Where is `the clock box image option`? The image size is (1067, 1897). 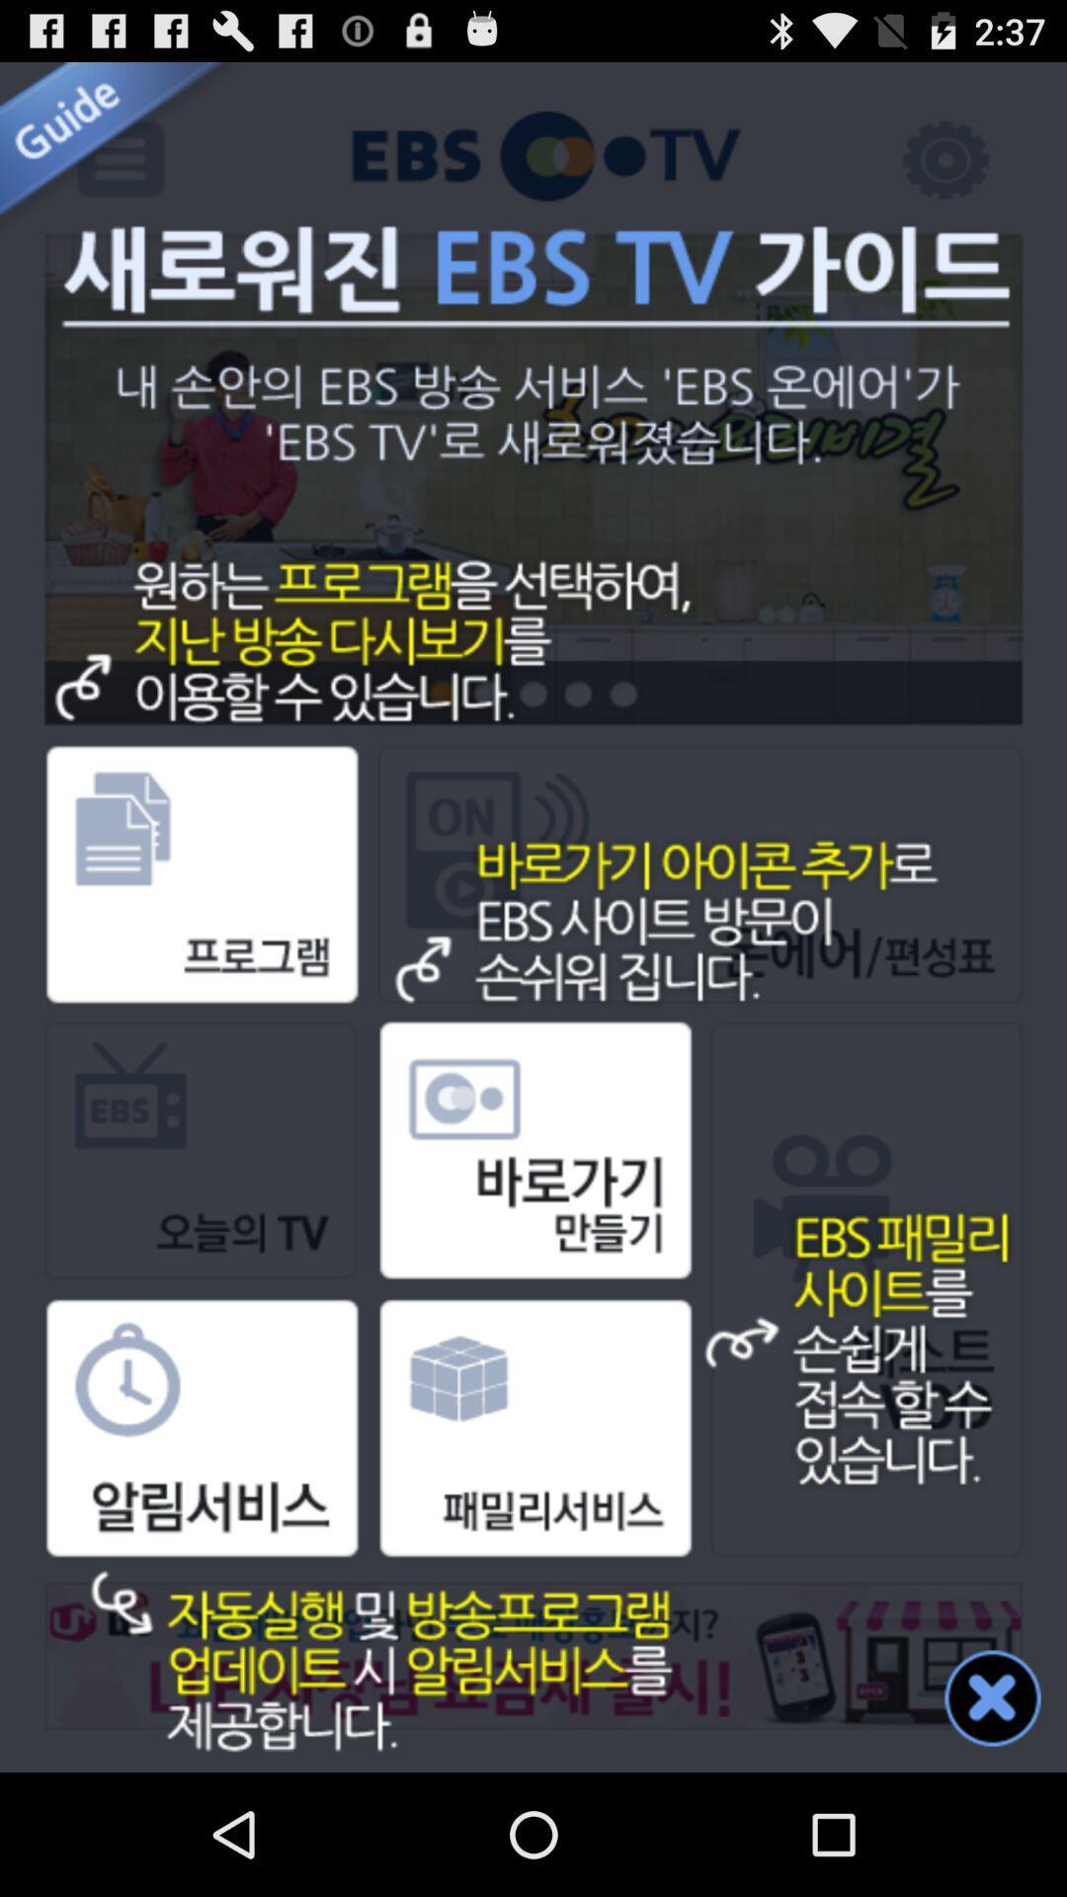
the clock box image option is located at coordinates (239, 1470).